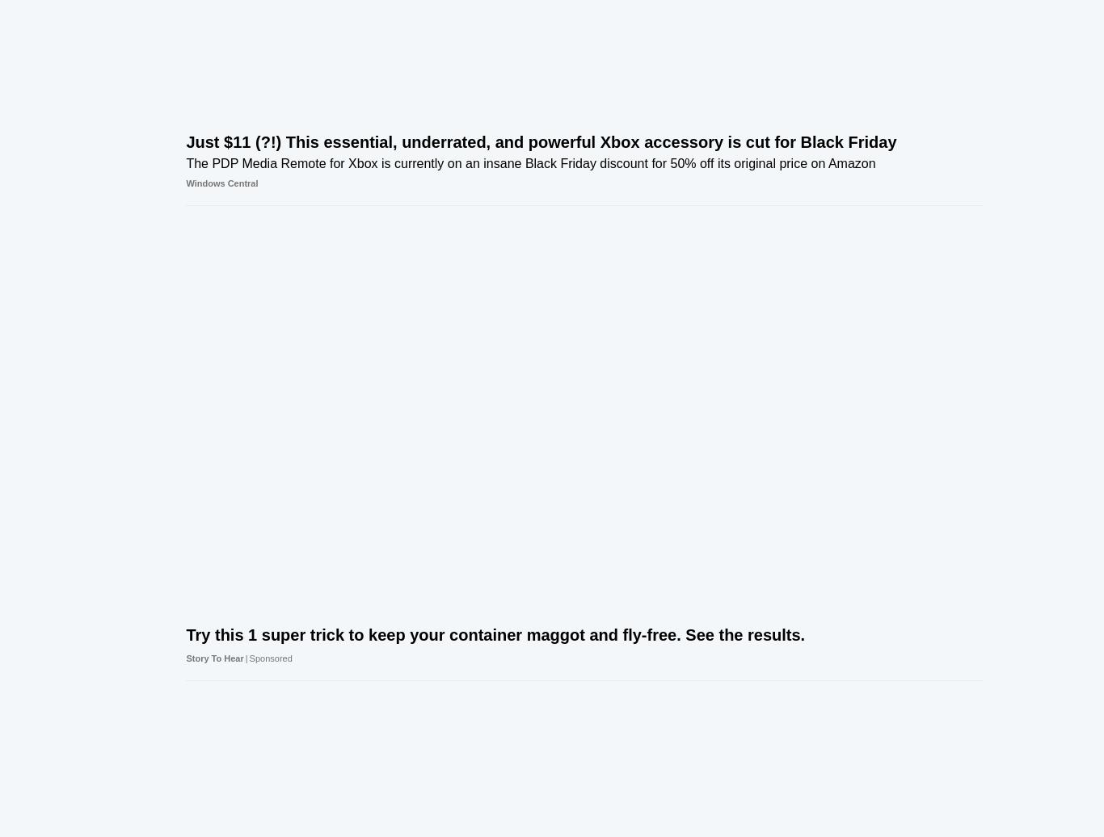  Describe the element at coordinates (890, 629) in the screenshot. I see `'Members online'` at that location.